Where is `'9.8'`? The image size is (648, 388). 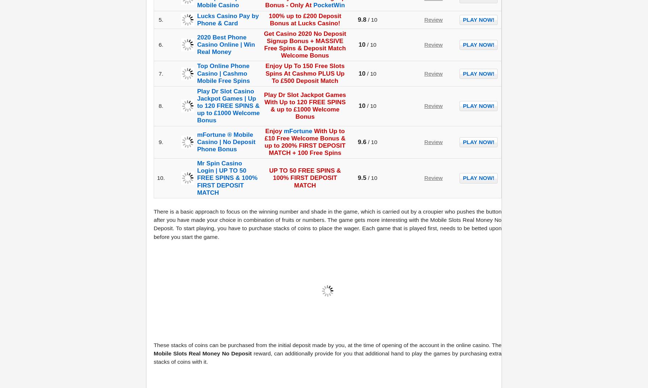
'9.8' is located at coordinates (362, 19).